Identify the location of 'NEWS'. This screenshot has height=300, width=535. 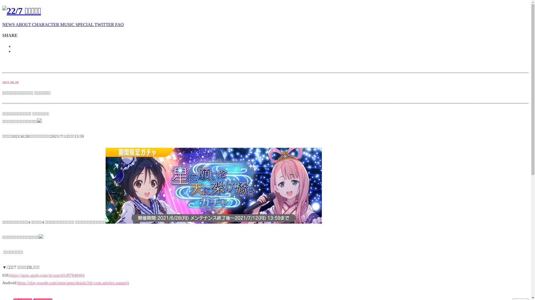
(9, 24).